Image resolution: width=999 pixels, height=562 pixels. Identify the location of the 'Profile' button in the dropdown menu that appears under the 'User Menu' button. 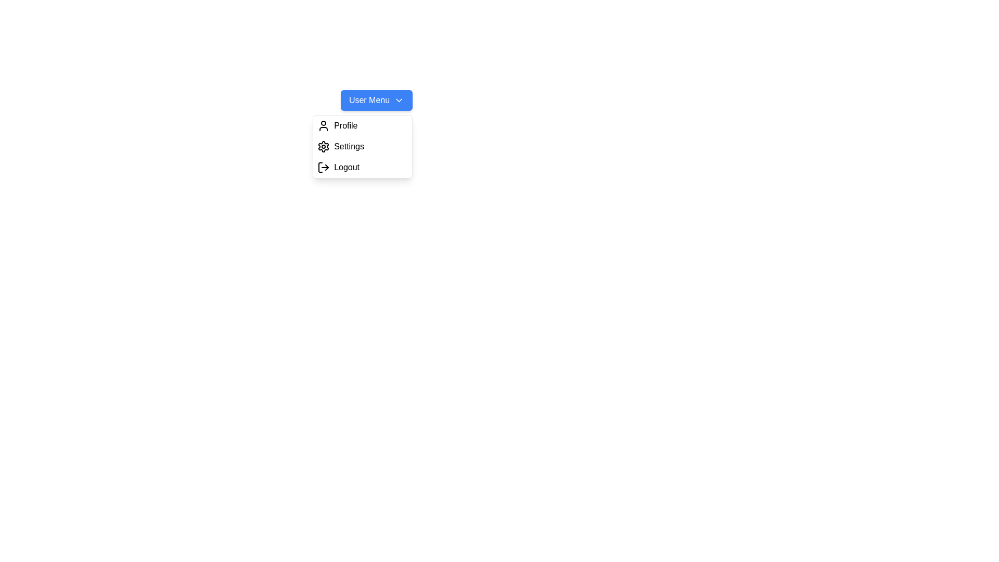
(363, 125).